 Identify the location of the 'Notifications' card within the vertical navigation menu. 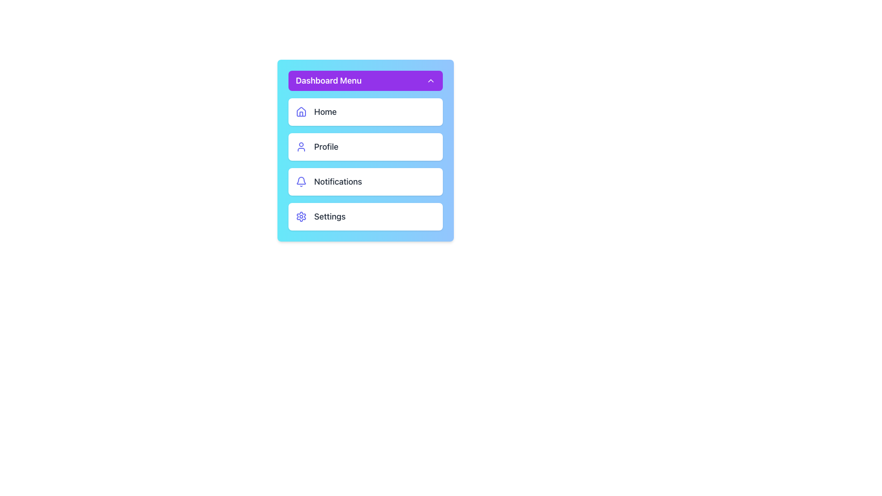
(365, 182).